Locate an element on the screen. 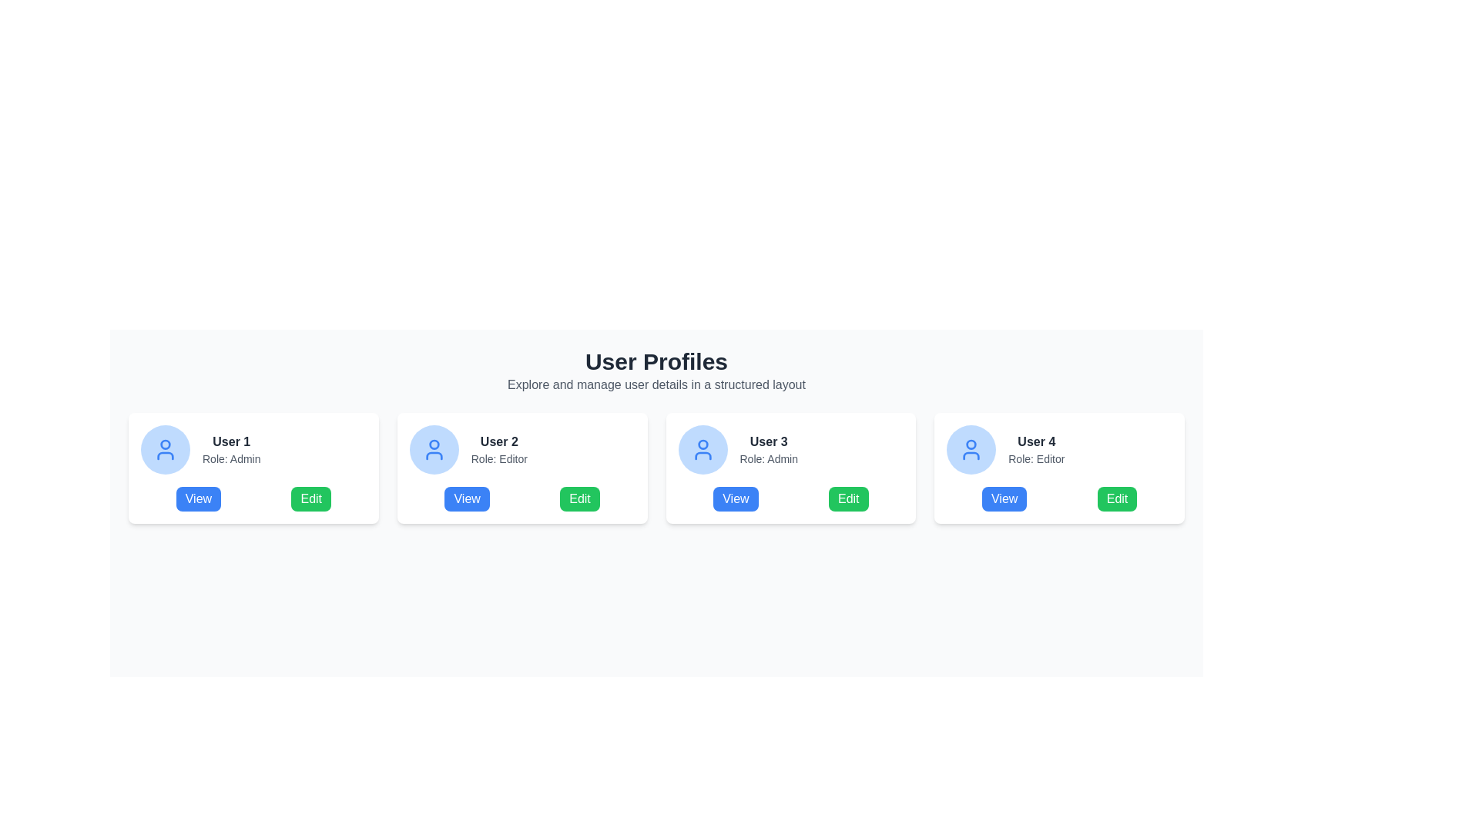  the fourth user information display card is located at coordinates (1058, 449).